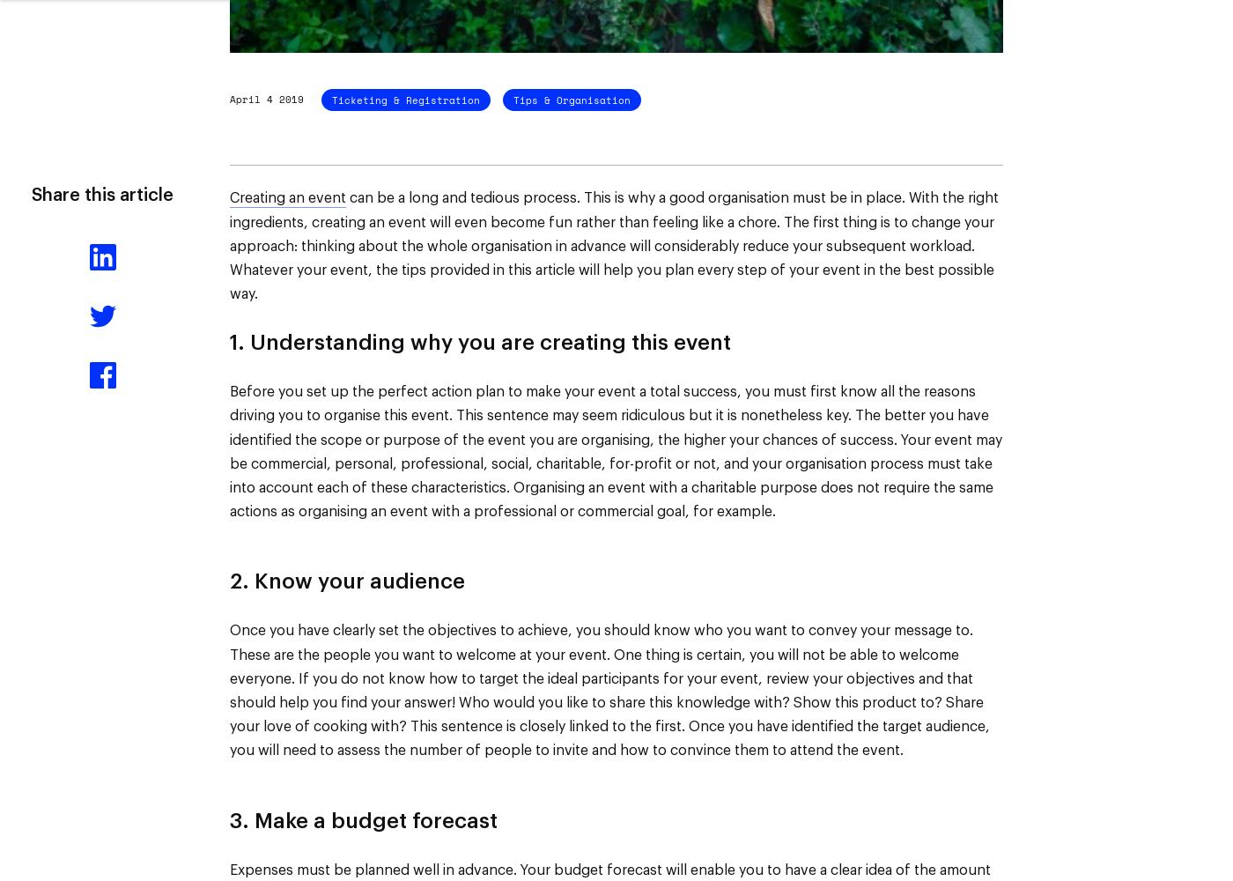 This screenshot has height=881, width=1233. I want to click on '2. Know your audience', so click(347, 582).